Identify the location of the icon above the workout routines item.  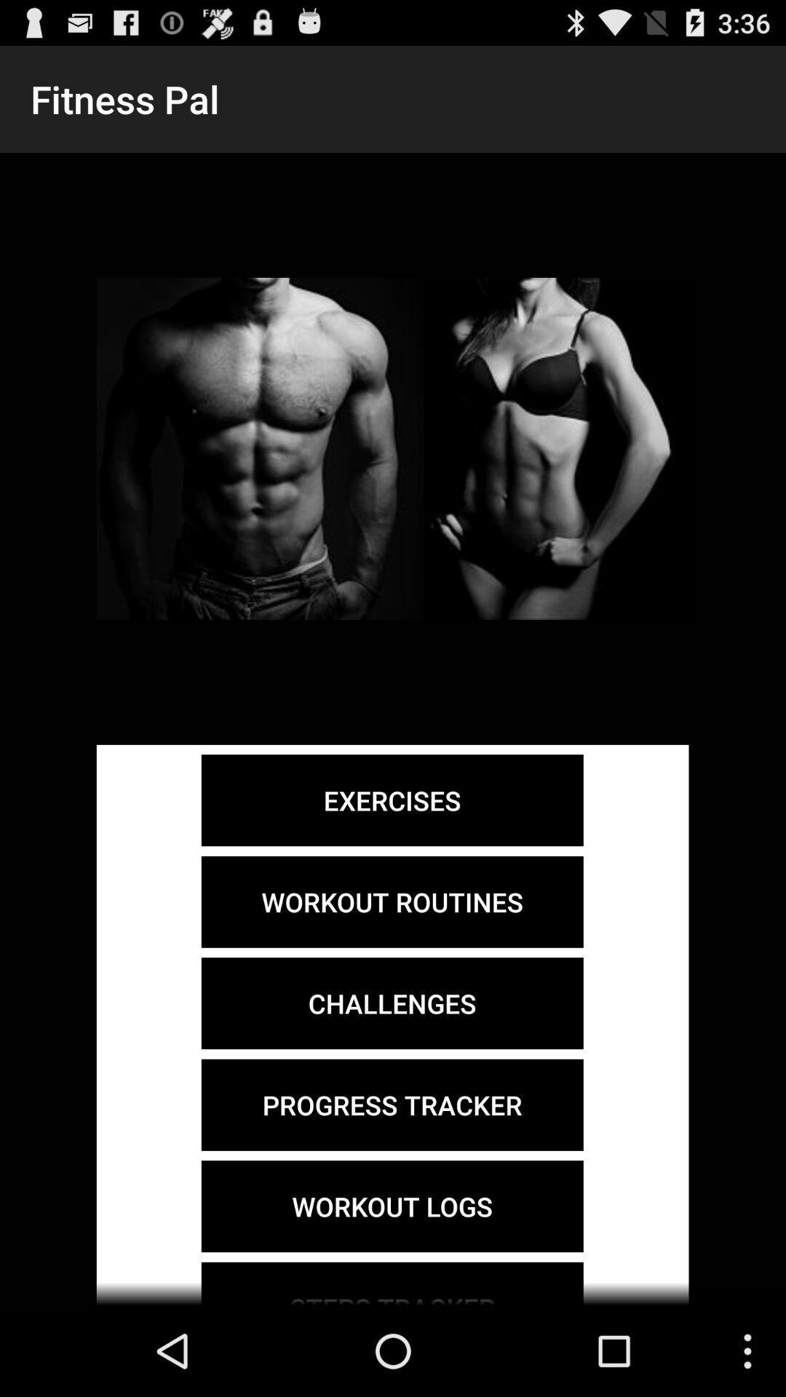
(392, 800).